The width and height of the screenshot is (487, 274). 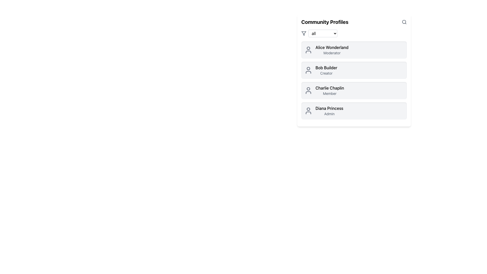 What do you see at coordinates (304, 33) in the screenshot?
I see `the filter icon, which is a small gray icon resembling a funnel, located to the left of the 'all' dropdown menu in the toolbar` at bounding box center [304, 33].